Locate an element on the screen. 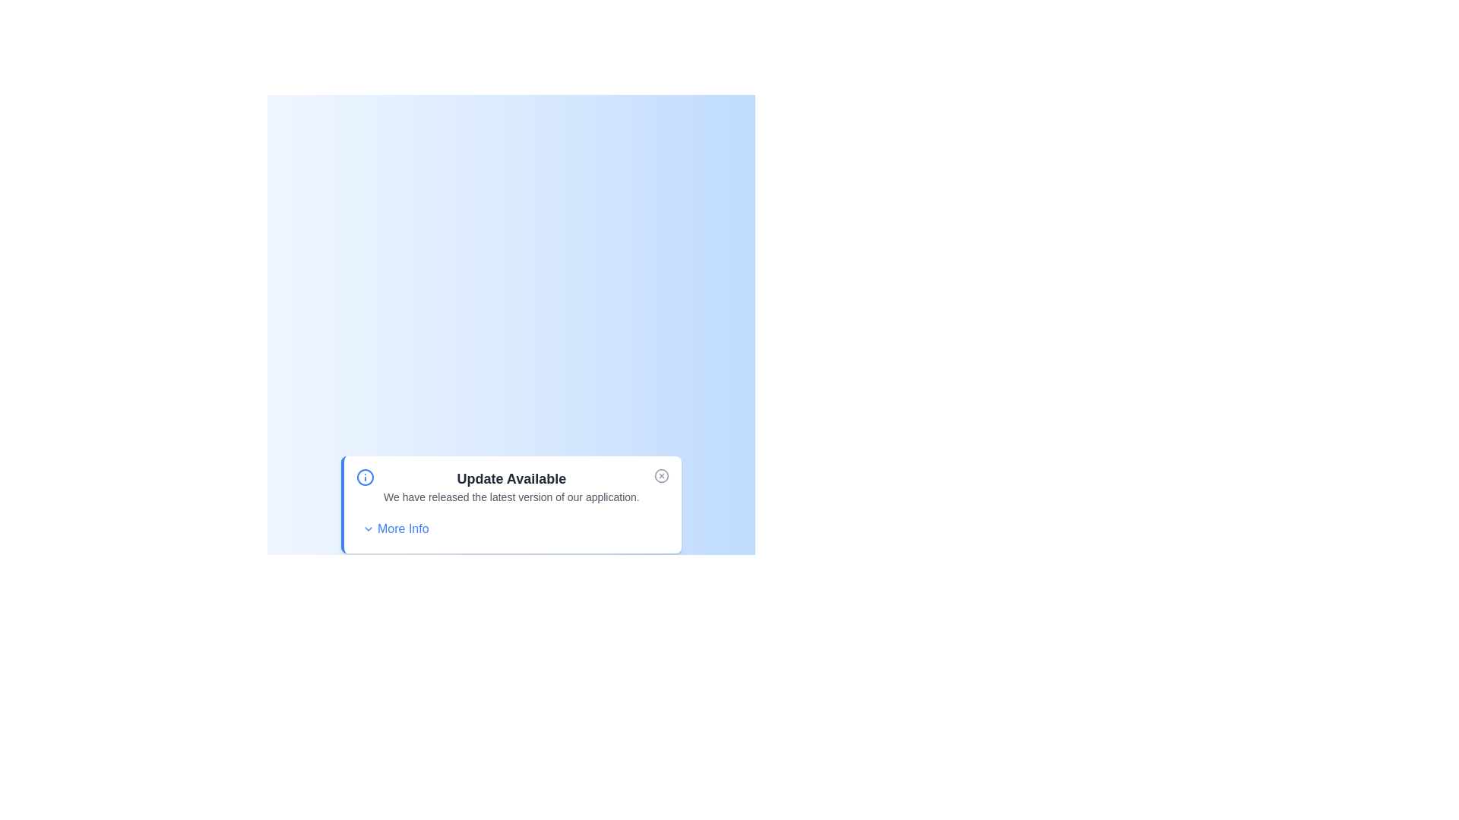 This screenshot has width=1459, height=820. close button to dismiss the alert is located at coordinates (661, 475).